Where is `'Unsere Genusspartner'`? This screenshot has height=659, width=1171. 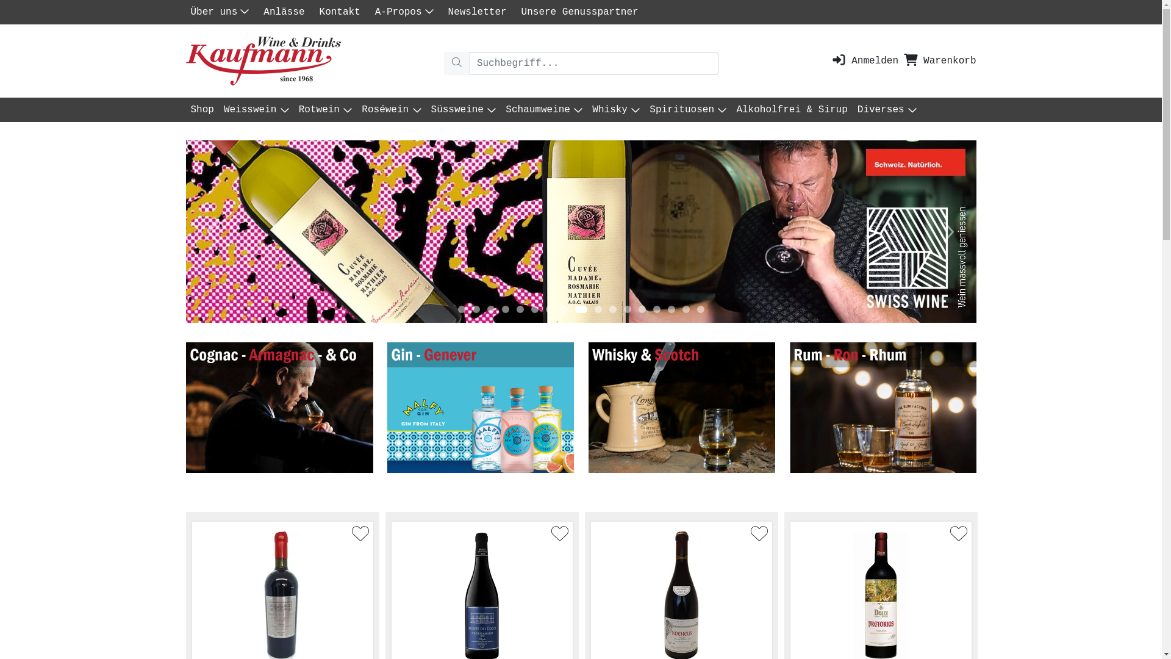
'Unsere Genusspartner' is located at coordinates (516, 12).